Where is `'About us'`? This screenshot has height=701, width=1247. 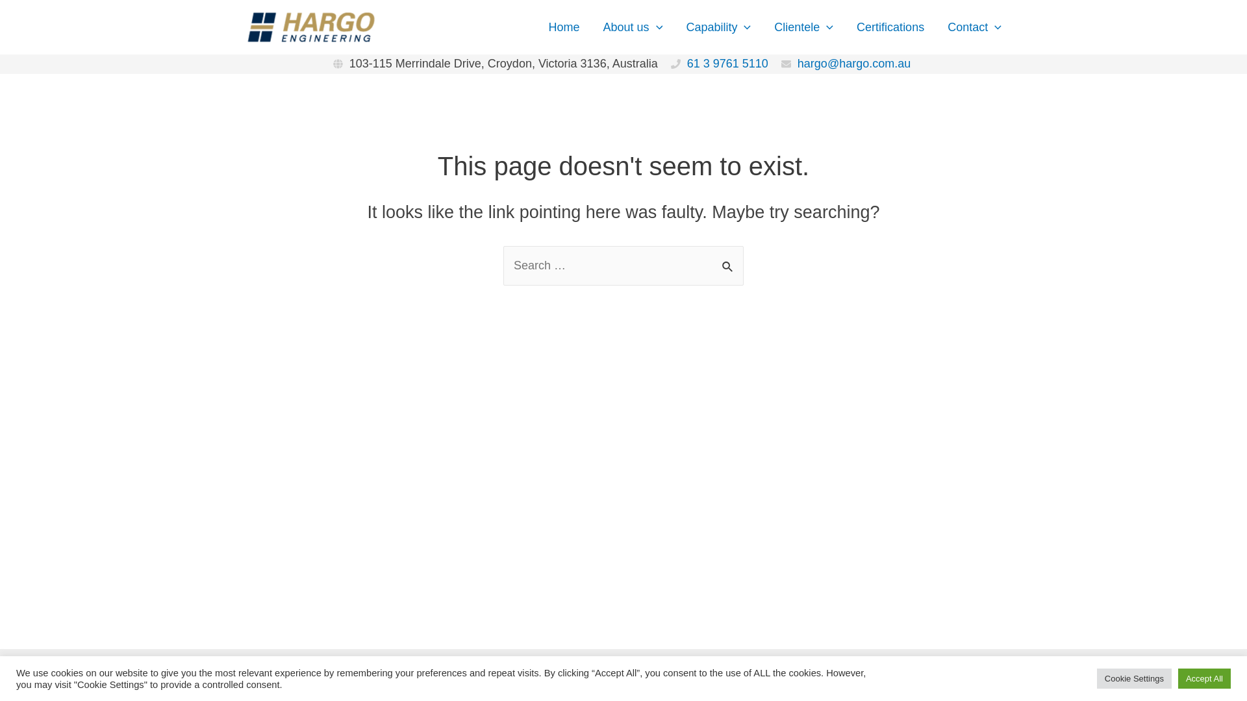
'About us' is located at coordinates (633, 27).